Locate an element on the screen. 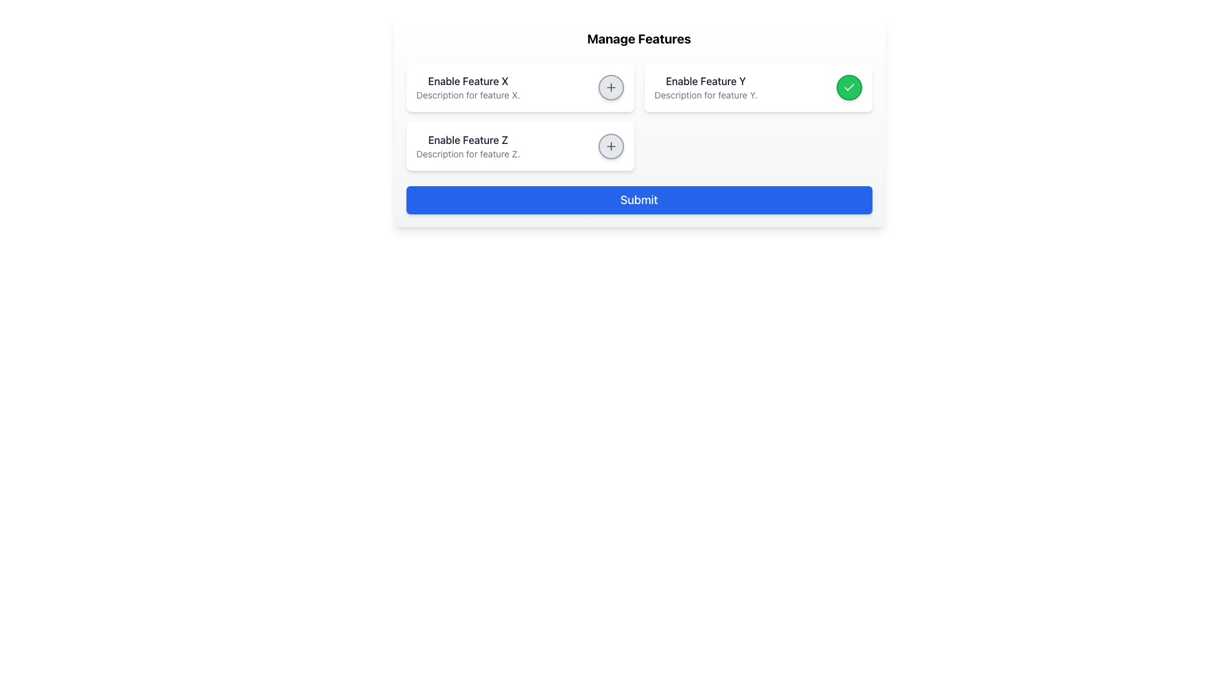 The height and width of the screenshot is (691, 1229). the Circular Button or Status Indicator that confirms the activation of Feature Y, located at the far-right end of the panel titled 'Enable Feature Y' is located at coordinates (849, 87).